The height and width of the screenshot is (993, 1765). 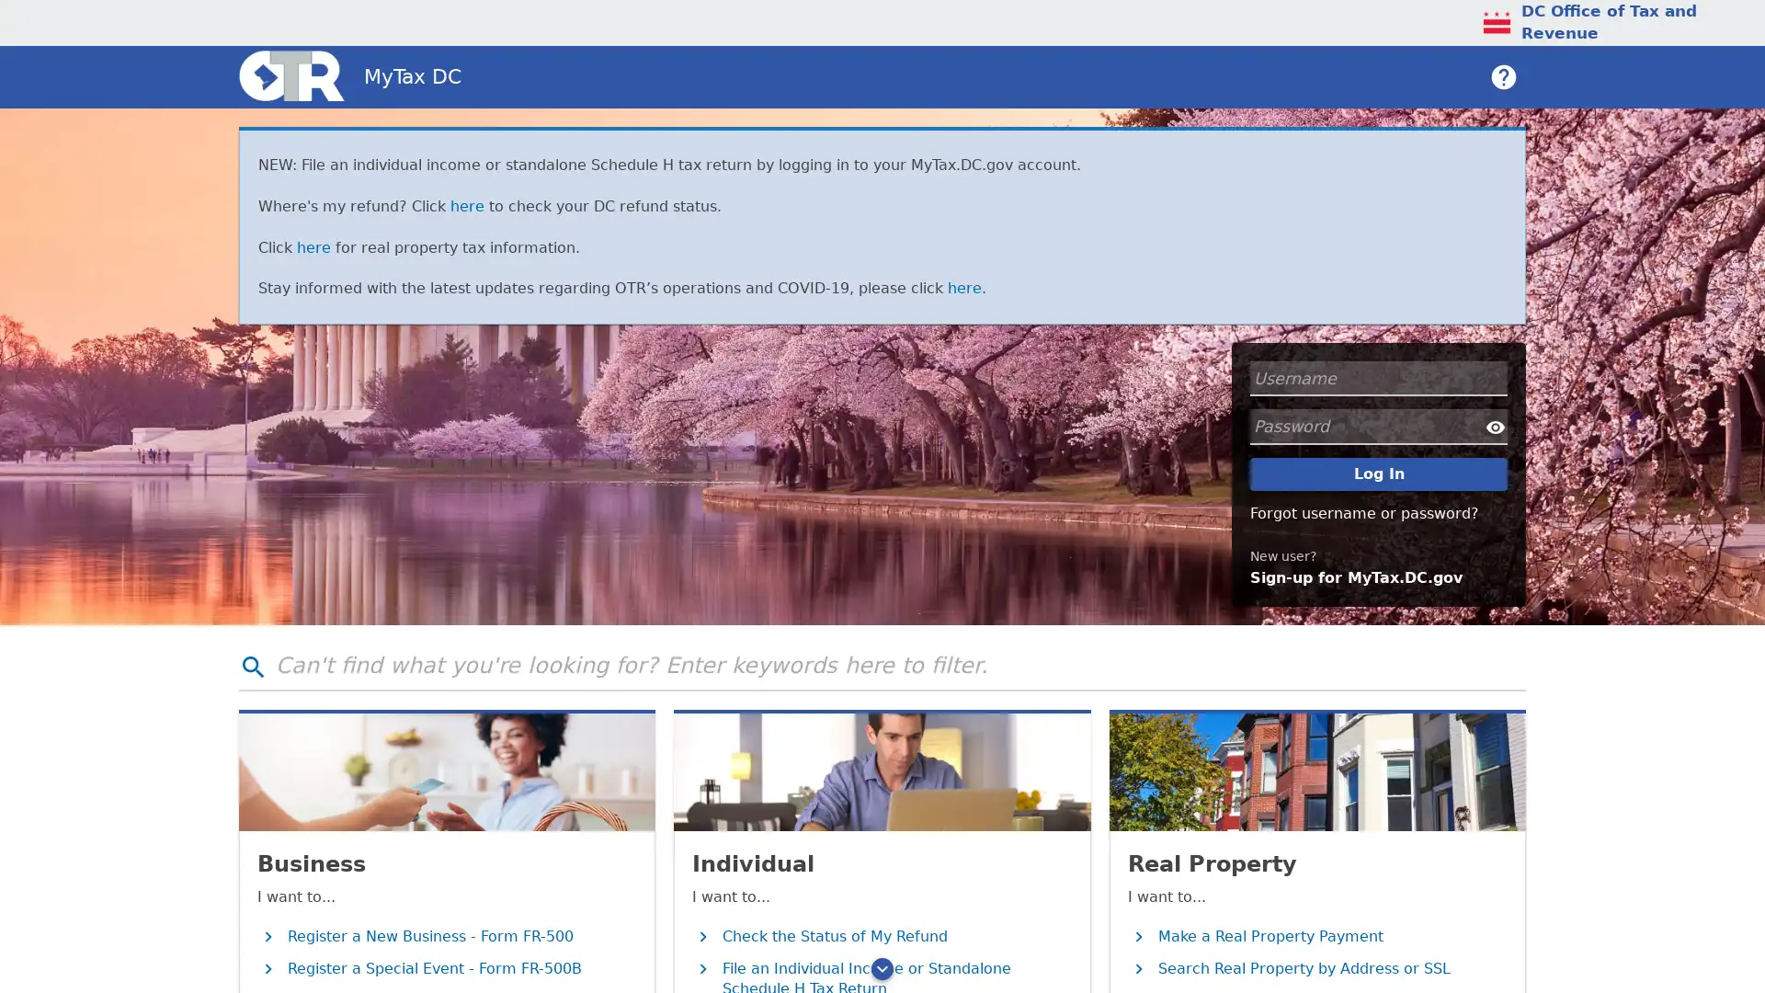 I want to click on Log In, so click(x=1378, y=473).